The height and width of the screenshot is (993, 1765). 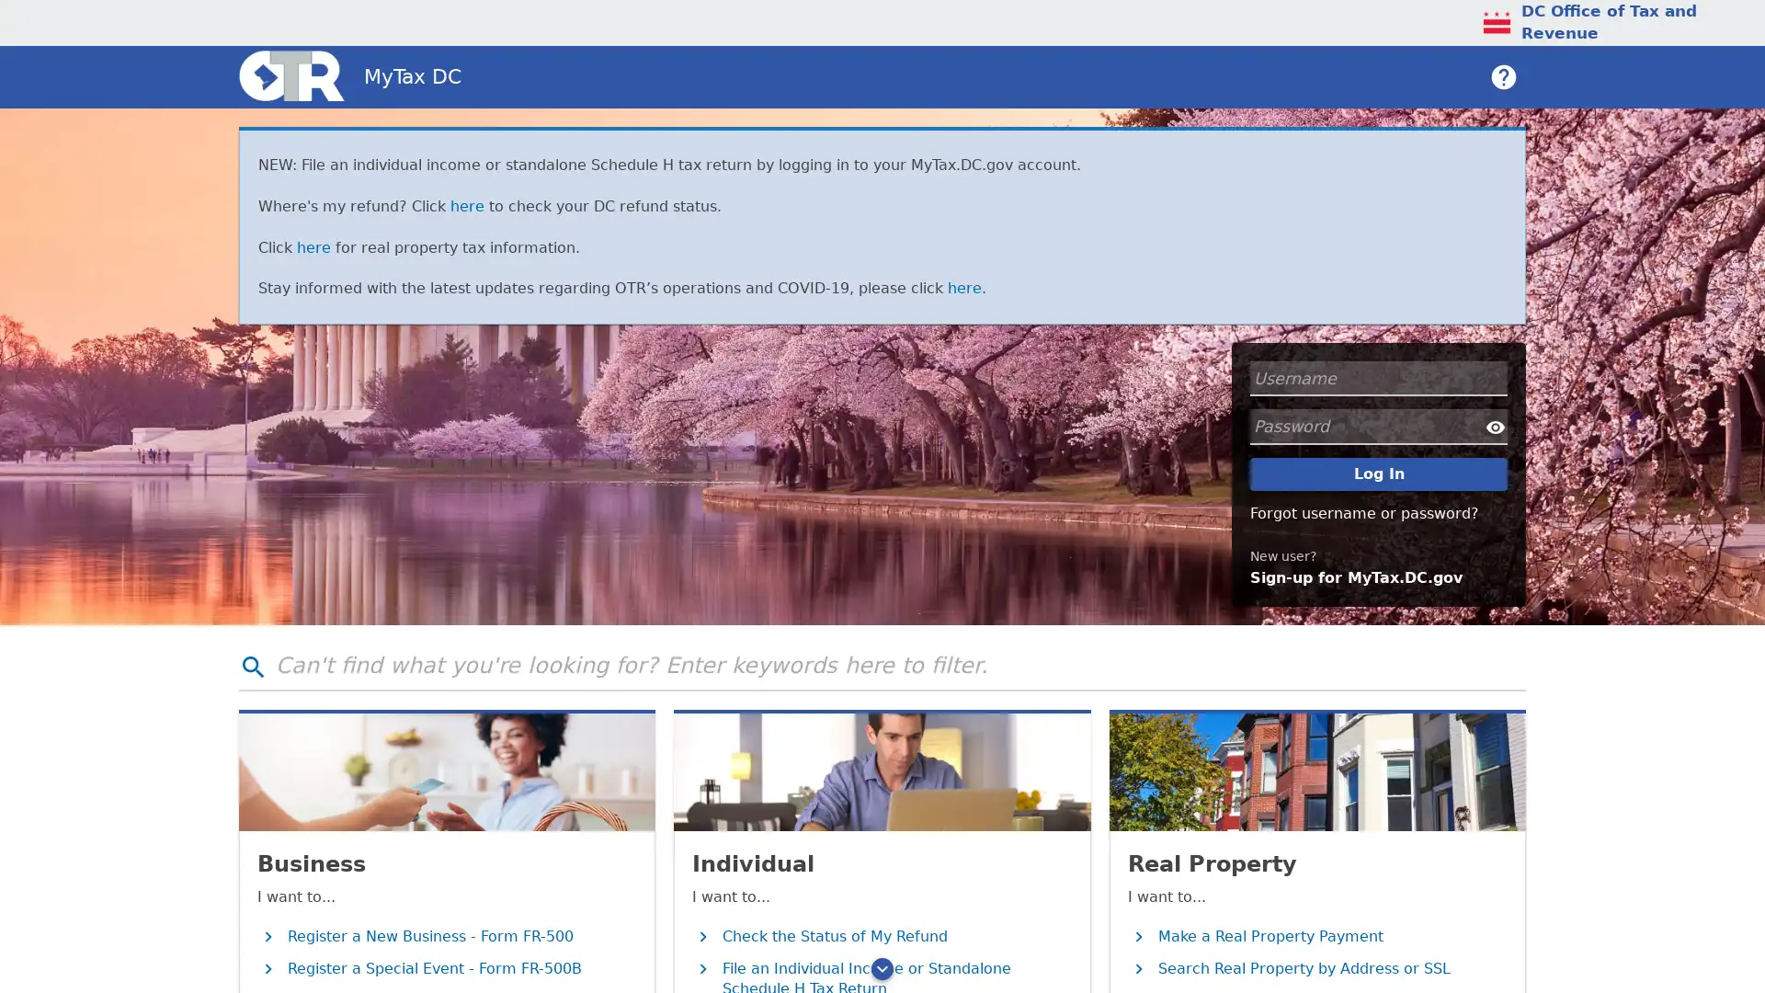 I want to click on Log In, so click(x=1378, y=473).